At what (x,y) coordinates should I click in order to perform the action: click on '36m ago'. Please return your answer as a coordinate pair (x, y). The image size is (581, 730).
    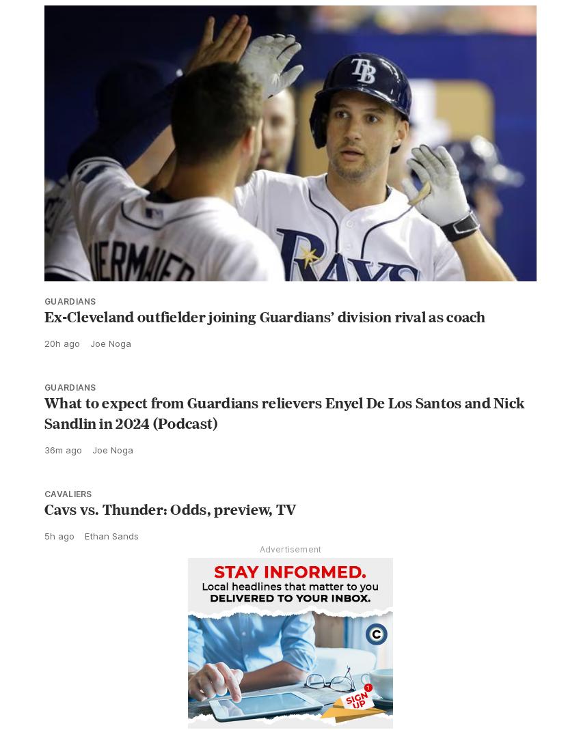
    Looking at the image, I should click on (62, 479).